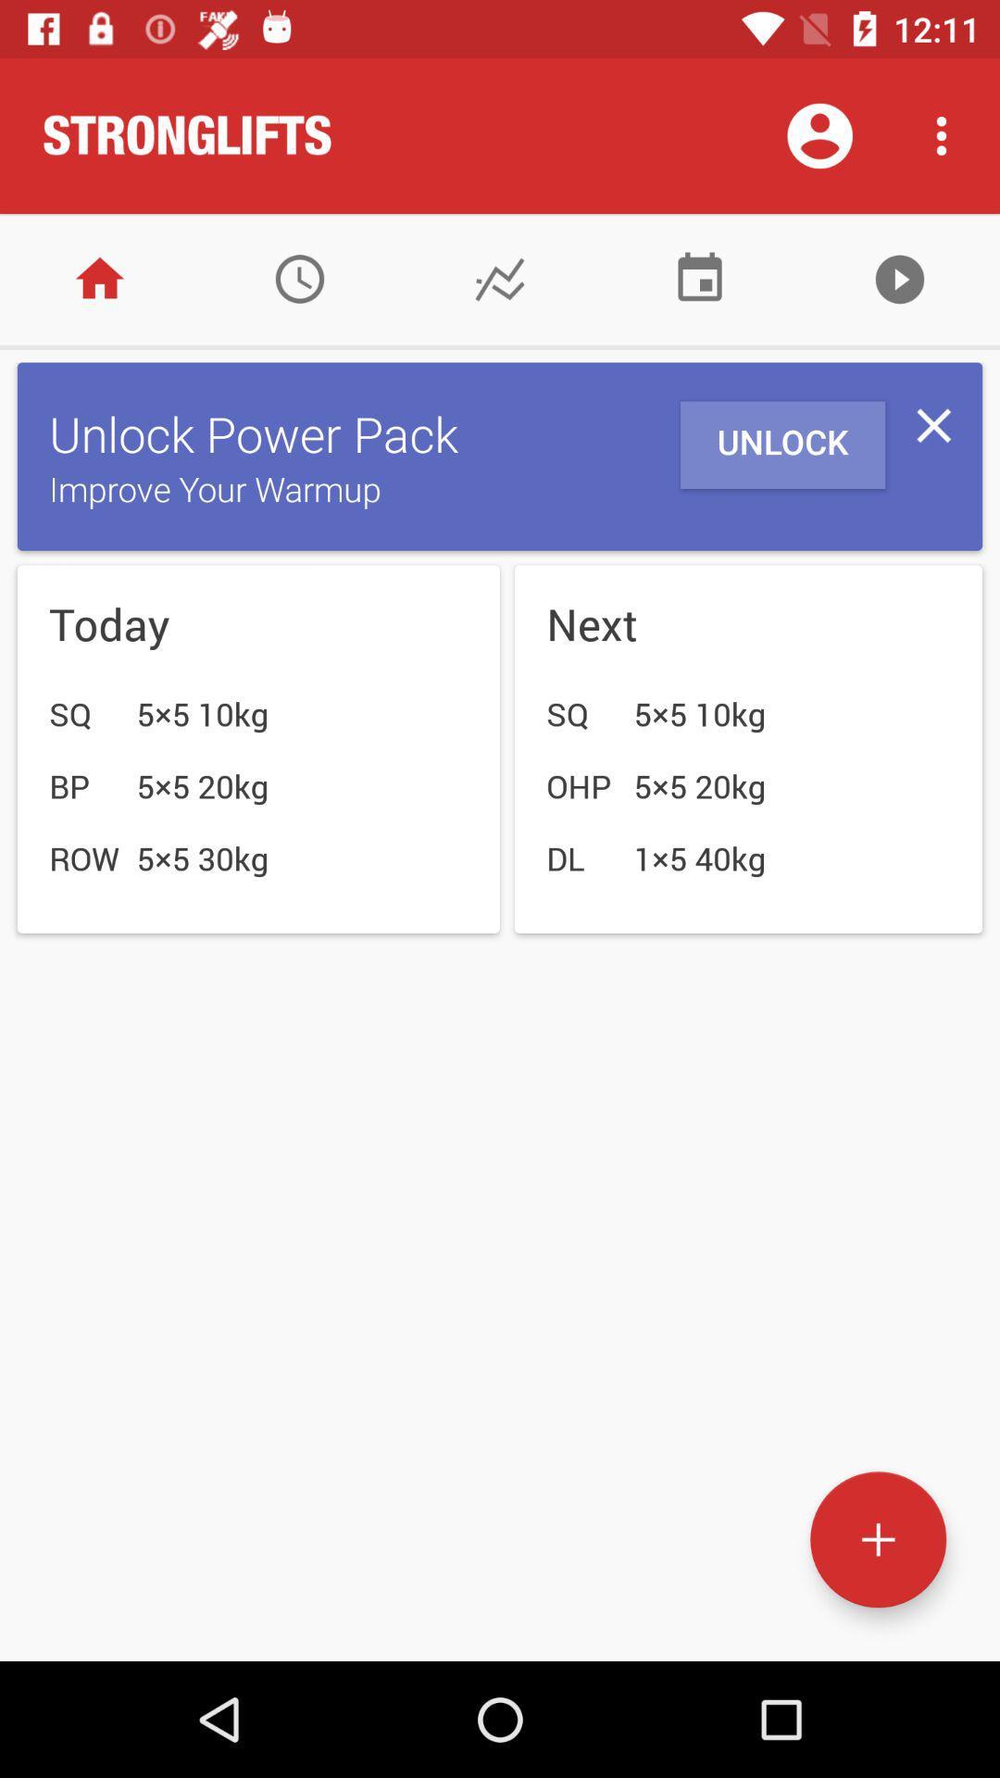 The width and height of the screenshot is (1000, 1778). Describe the element at coordinates (877, 1539) in the screenshot. I see `icon below the unlock` at that location.